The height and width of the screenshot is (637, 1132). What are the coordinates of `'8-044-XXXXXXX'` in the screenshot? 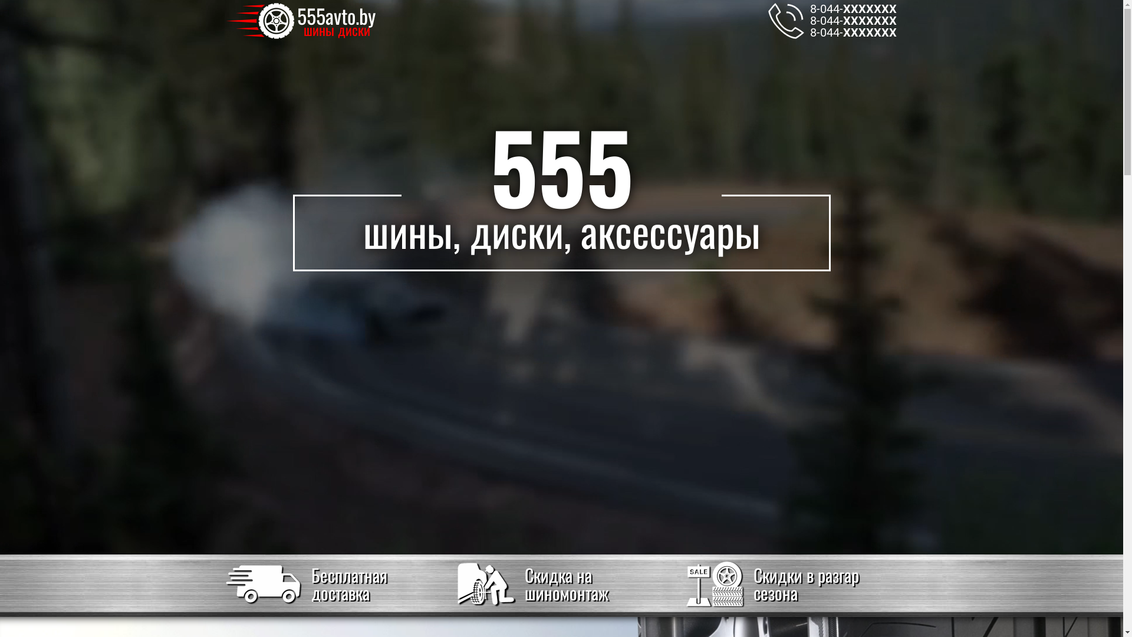 It's located at (853, 20).